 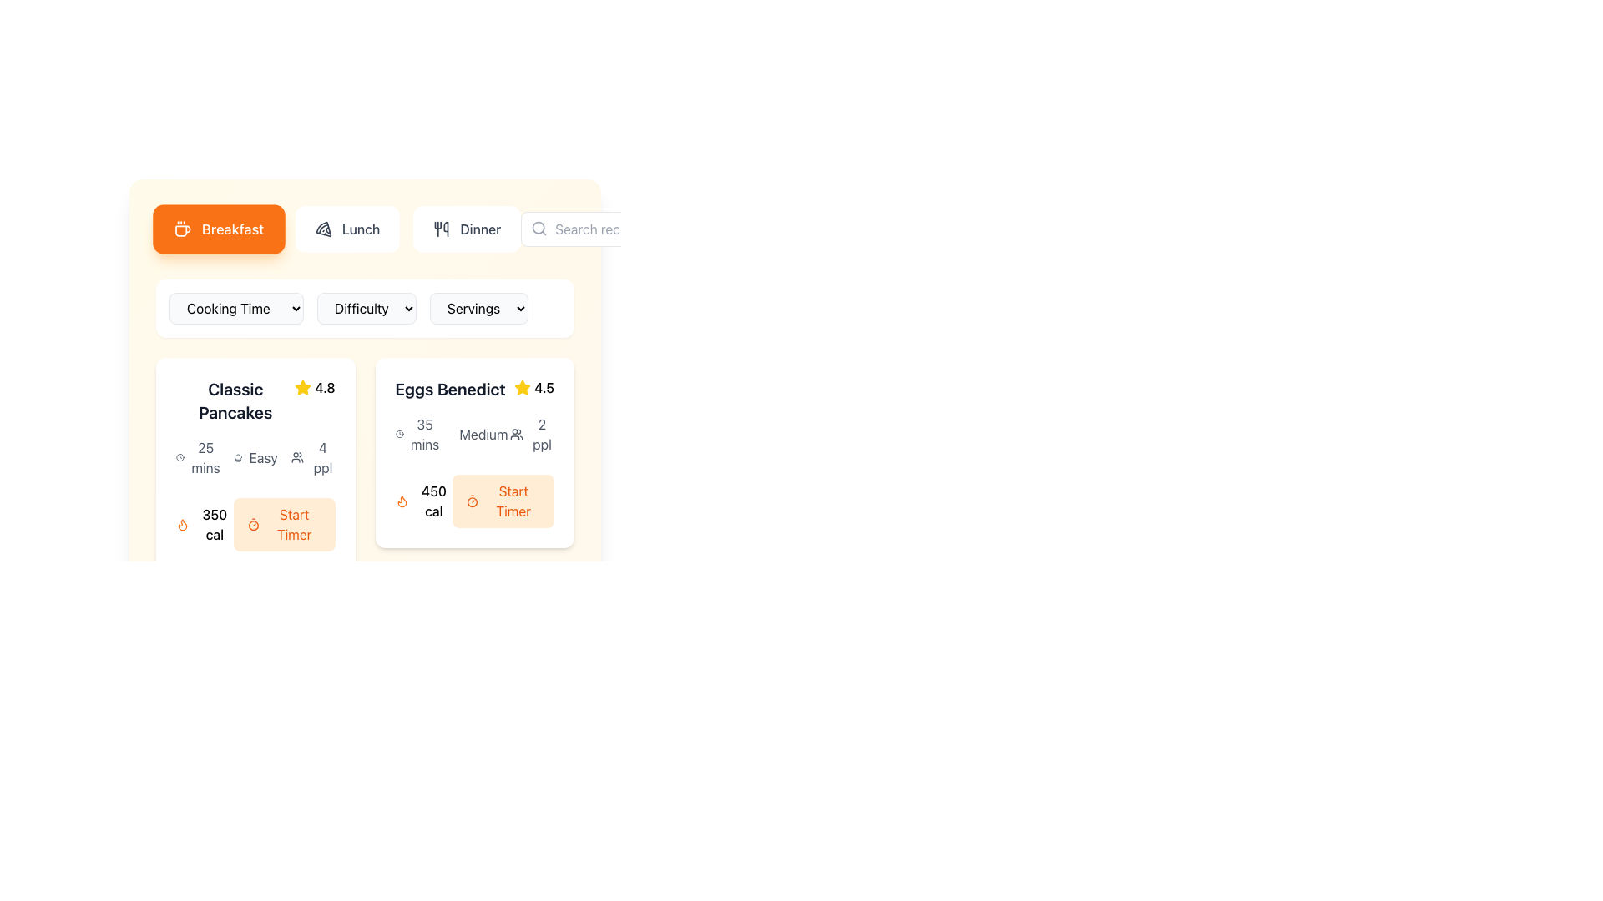 I want to click on the chef's hat icon located next to the text 'Easy', which indicates a recipe's difficulty level, so click(x=237, y=457).